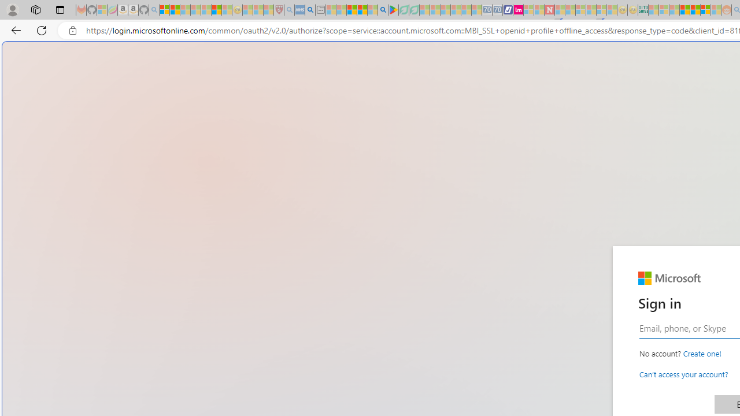  Describe the element at coordinates (694, 10) in the screenshot. I see `'Kinda Frugal - MSN'` at that location.